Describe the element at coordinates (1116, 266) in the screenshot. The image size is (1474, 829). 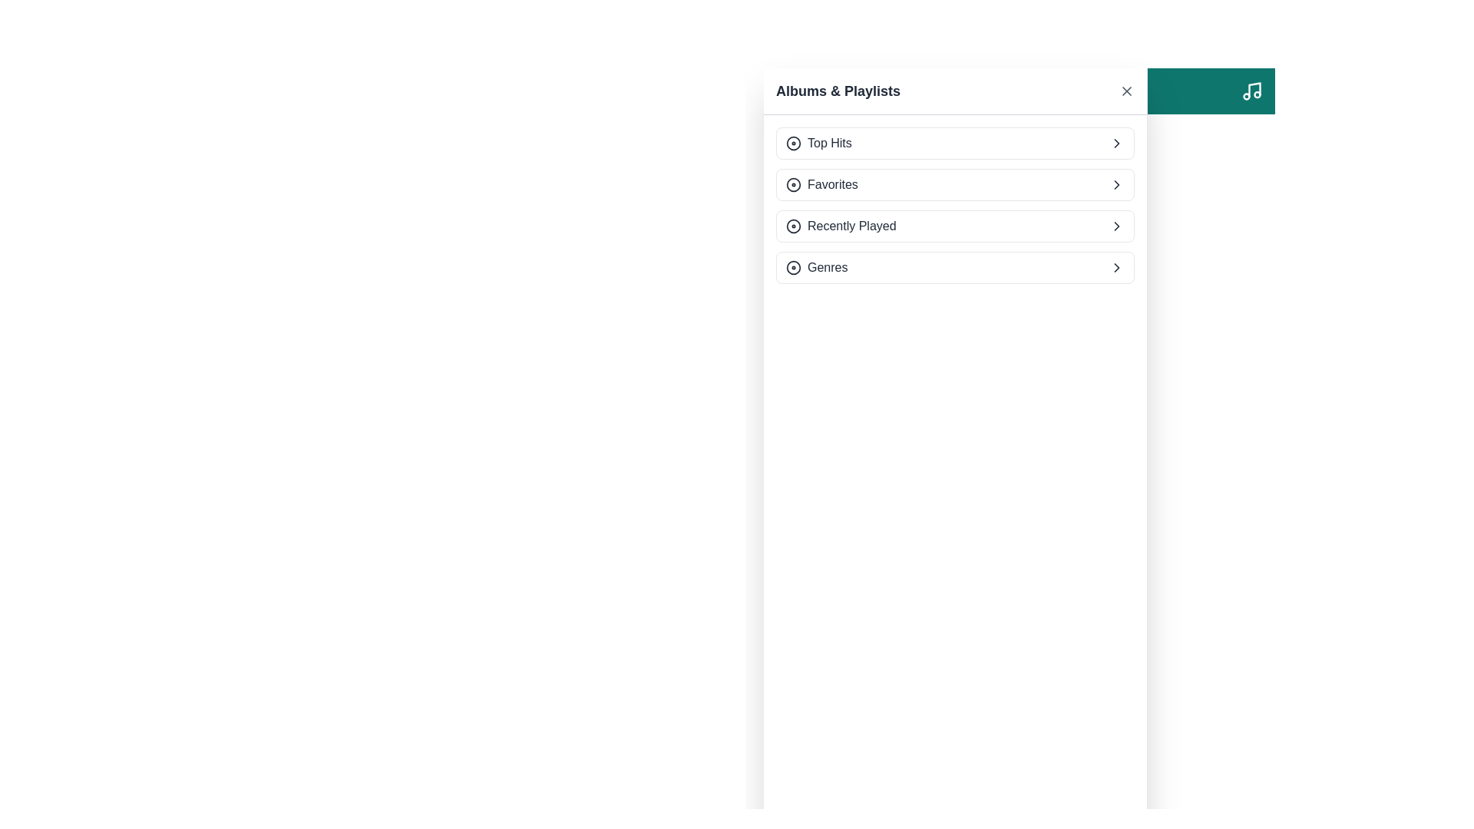
I see `the right-pointing chevron icon associated with the 'Genres' label` at that location.